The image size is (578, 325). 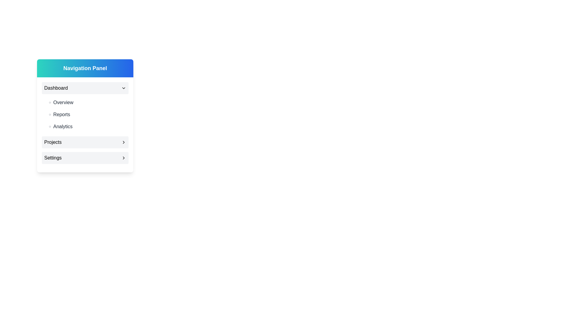 I want to click on the navigation menu item labeled 'Overview', so click(x=87, y=102).